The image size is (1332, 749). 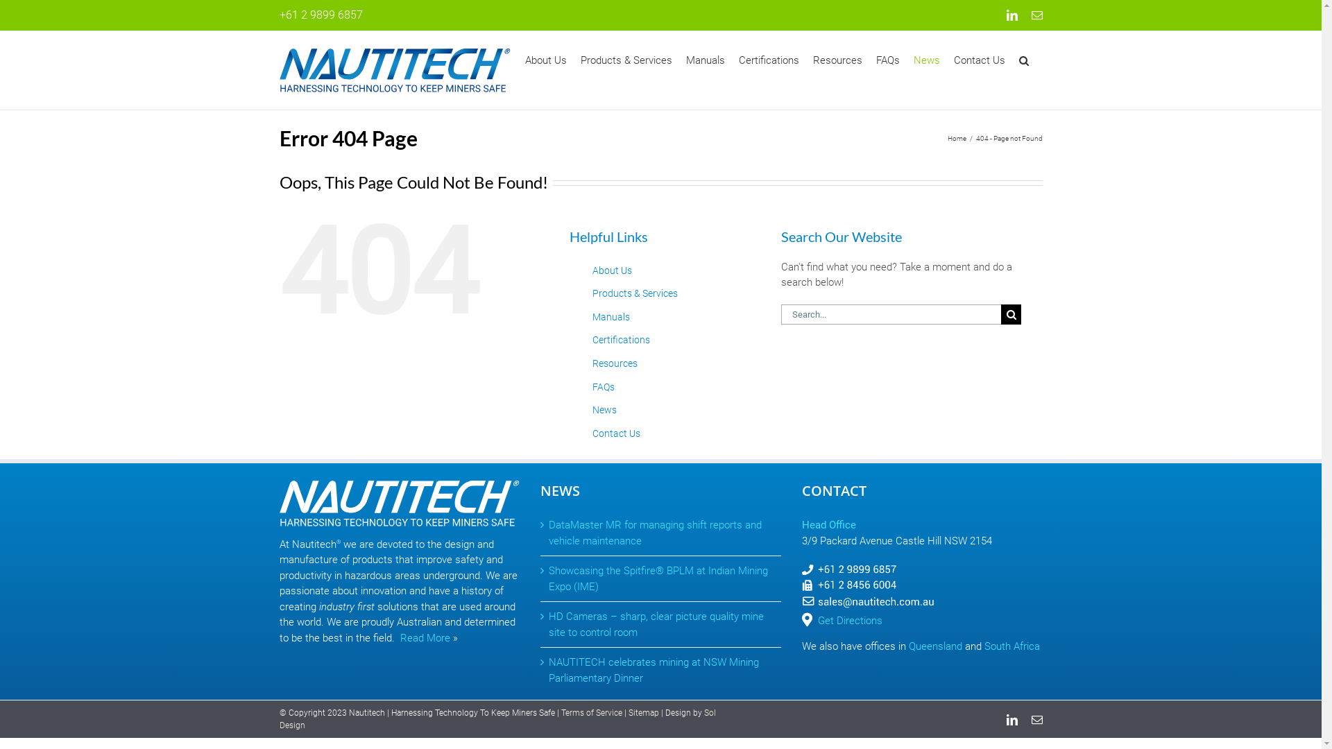 What do you see at coordinates (579, 60) in the screenshot?
I see `'Products & Services'` at bounding box center [579, 60].